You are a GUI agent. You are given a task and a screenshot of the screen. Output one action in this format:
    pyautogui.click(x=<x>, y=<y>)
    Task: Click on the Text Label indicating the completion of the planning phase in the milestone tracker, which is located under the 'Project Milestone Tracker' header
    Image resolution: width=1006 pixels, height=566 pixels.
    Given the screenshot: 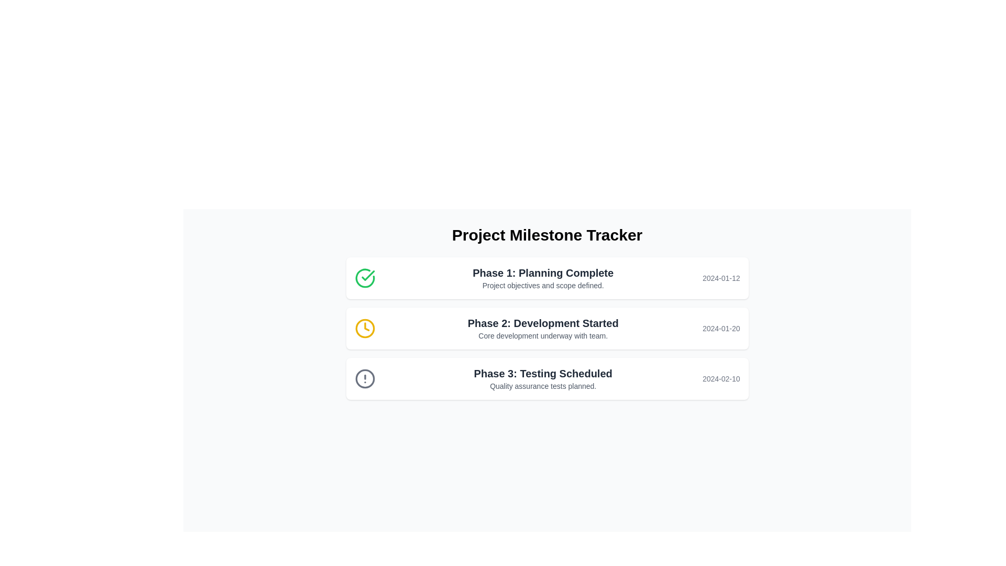 What is the action you would take?
    pyautogui.click(x=543, y=272)
    